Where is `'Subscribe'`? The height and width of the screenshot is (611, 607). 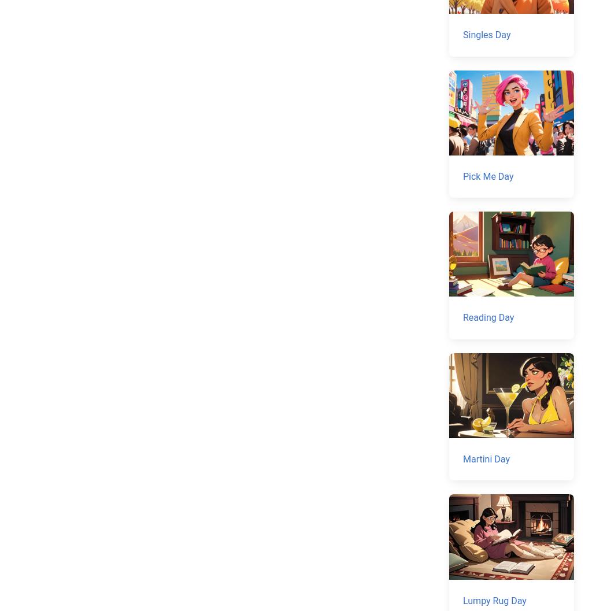
'Subscribe' is located at coordinates (72, 464).